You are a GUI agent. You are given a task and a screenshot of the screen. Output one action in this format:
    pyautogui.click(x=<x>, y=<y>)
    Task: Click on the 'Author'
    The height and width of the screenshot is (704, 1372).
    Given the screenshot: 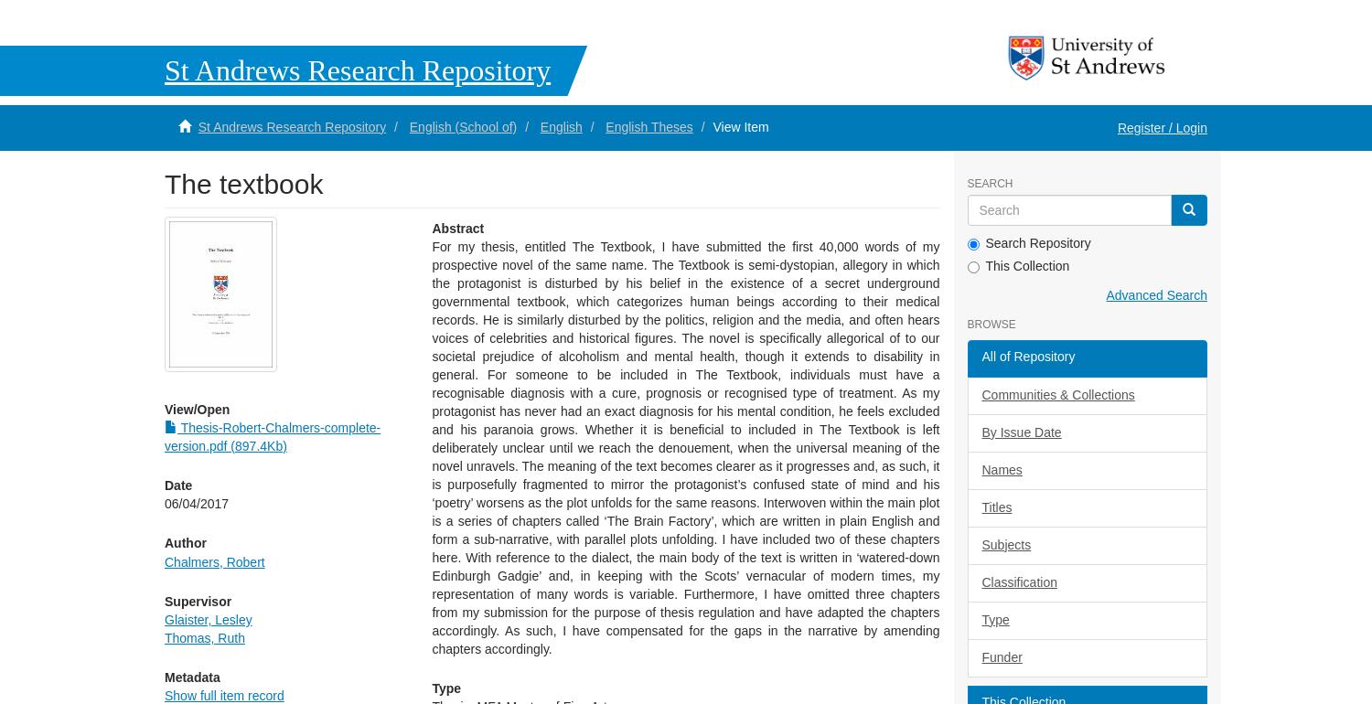 What is the action you would take?
    pyautogui.click(x=184, y=541)
    